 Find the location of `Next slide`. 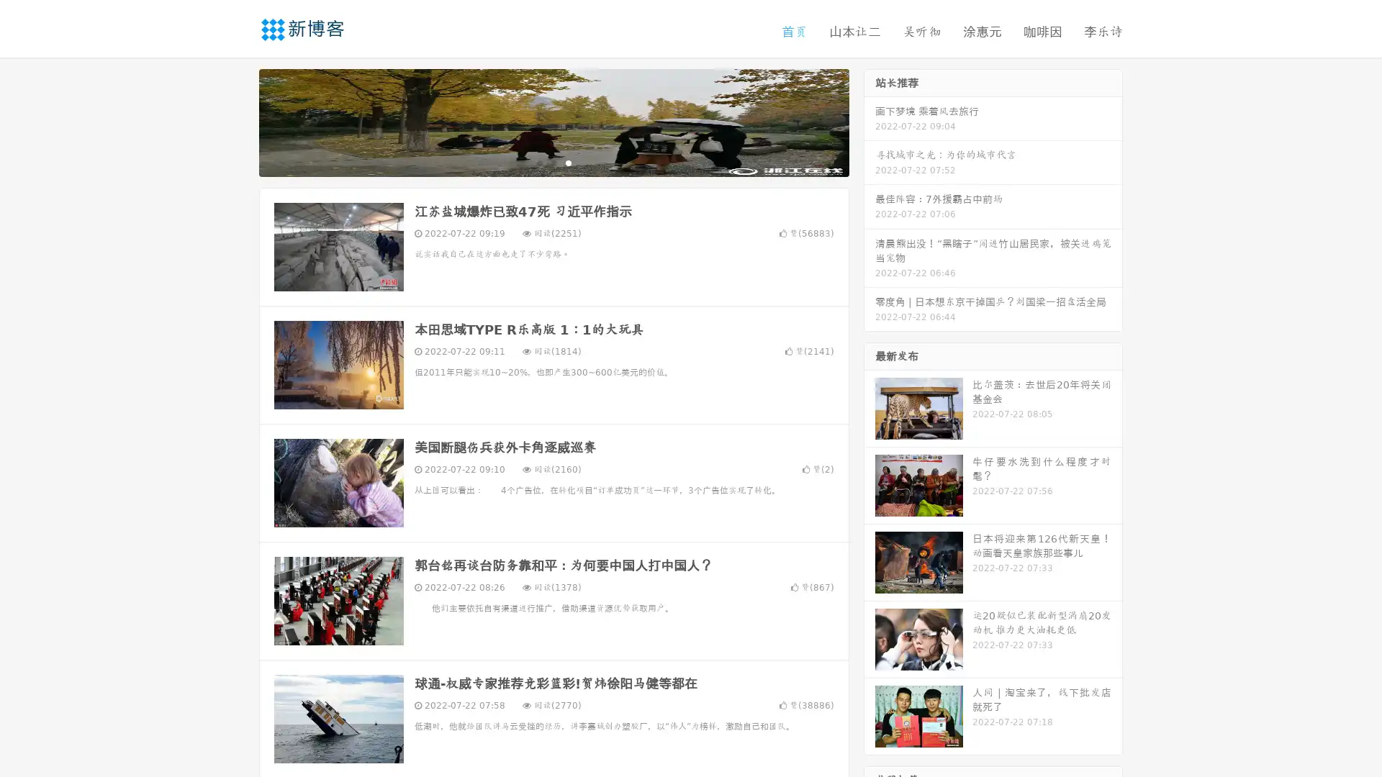

Next slide is located at coordinates (870, 121).